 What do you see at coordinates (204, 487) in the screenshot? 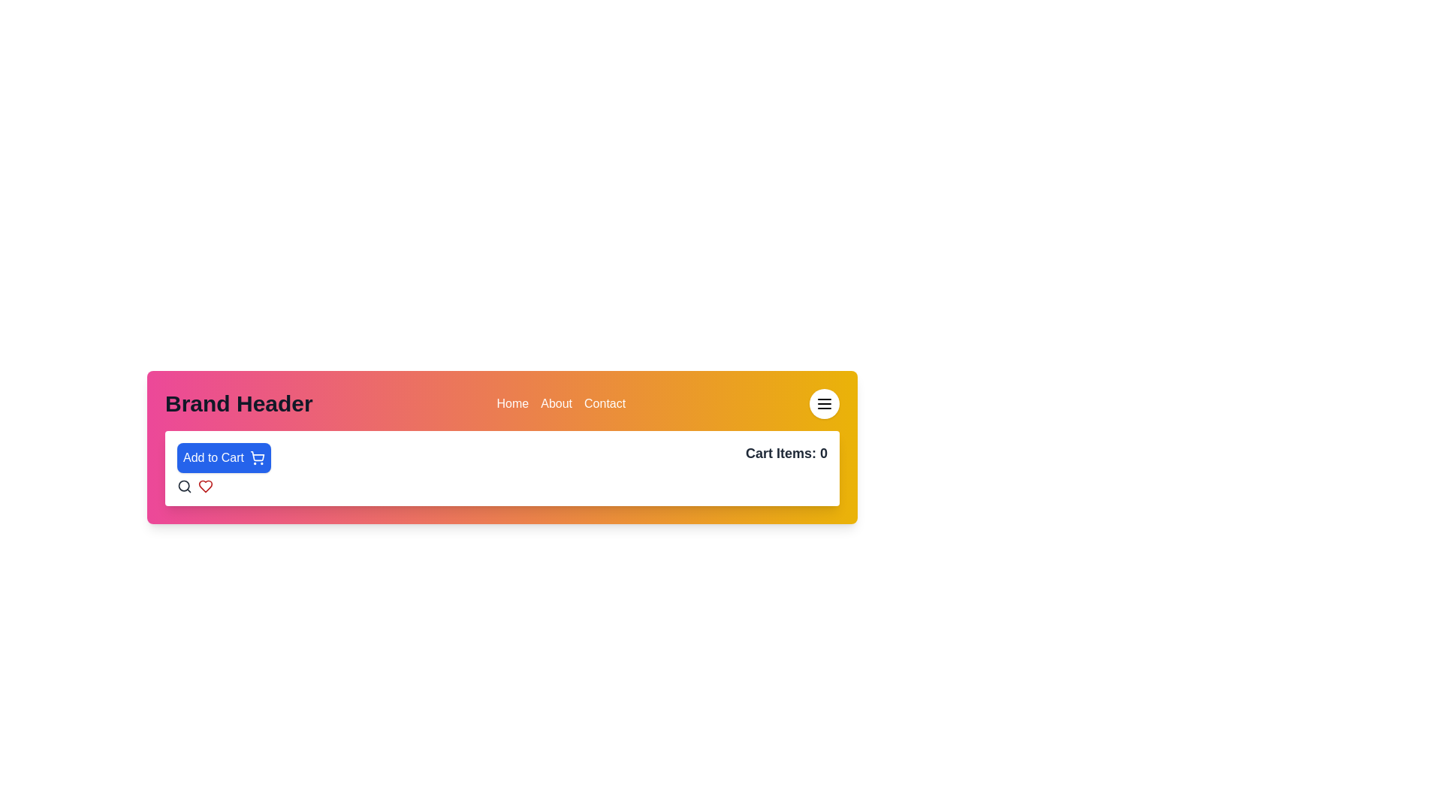
I see `the heart icon located to the right of the search icon in the header bar` at bounding box center [204, 487].